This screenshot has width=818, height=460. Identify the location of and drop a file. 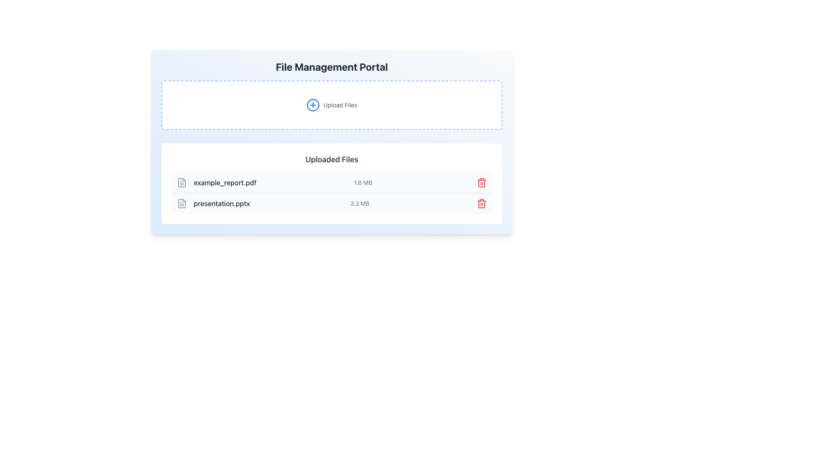
(331, 104).